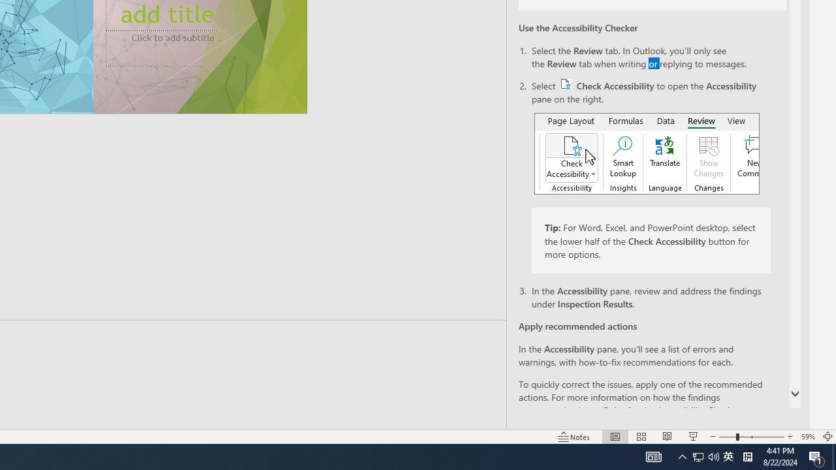 The width and height of the screenshot is (836, 470). What do you see at coordinates (807, 437) in the screenshot?
I see `'Zoom 59%'` at bounding box center [807, 437].